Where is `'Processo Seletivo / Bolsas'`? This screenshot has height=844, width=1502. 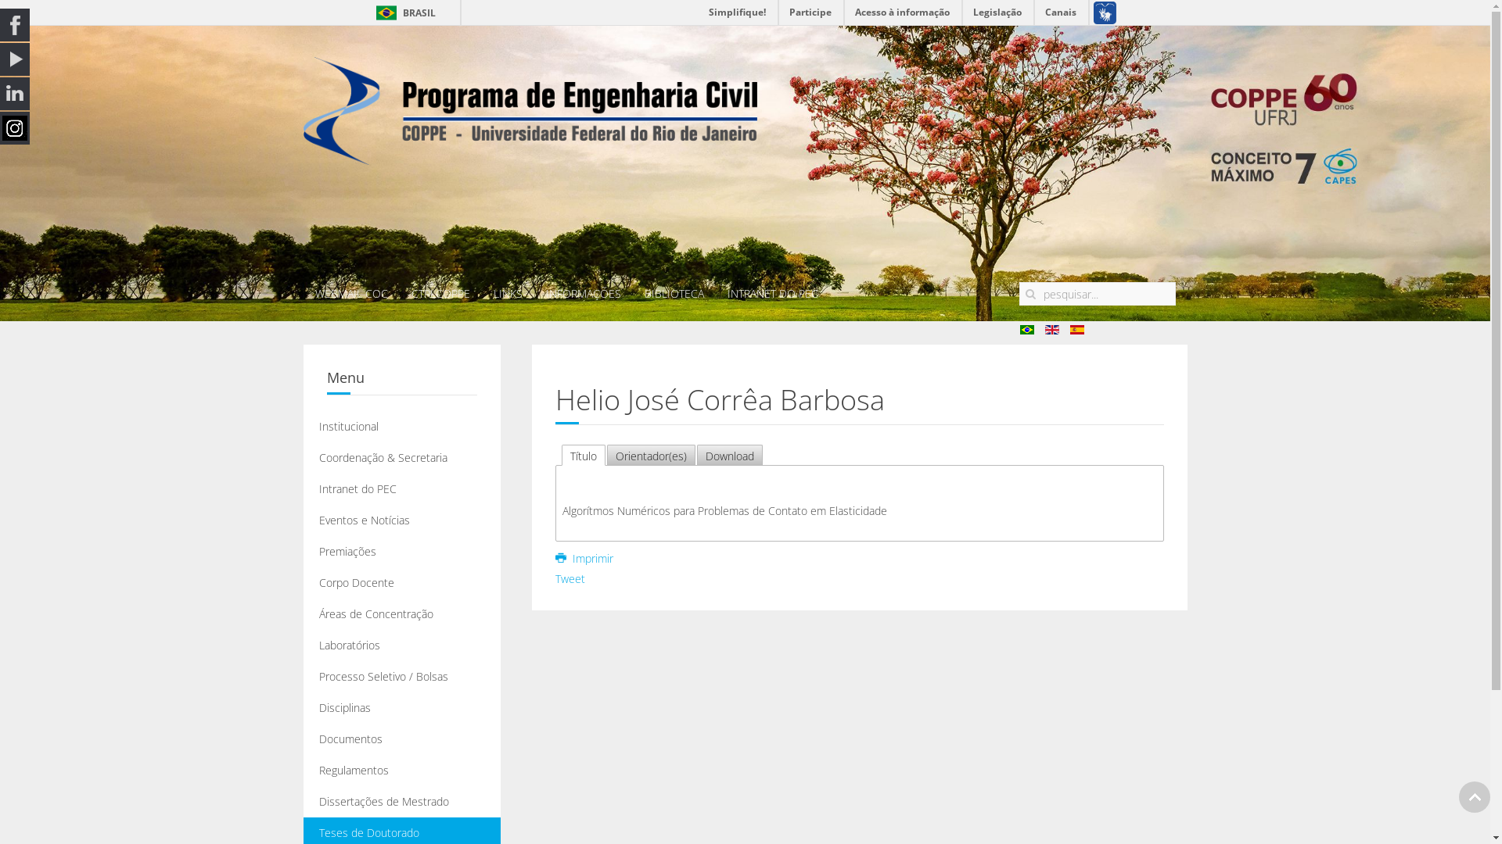
'Processo Seletivo / Bolsas' is located at coordinates (402, 676).